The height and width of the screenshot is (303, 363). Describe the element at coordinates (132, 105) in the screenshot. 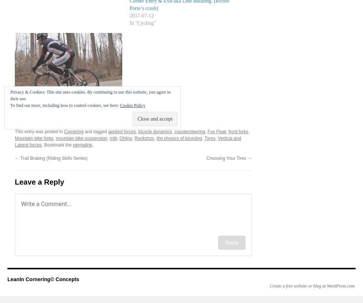

I see `'Cookie Policy'` at that location.